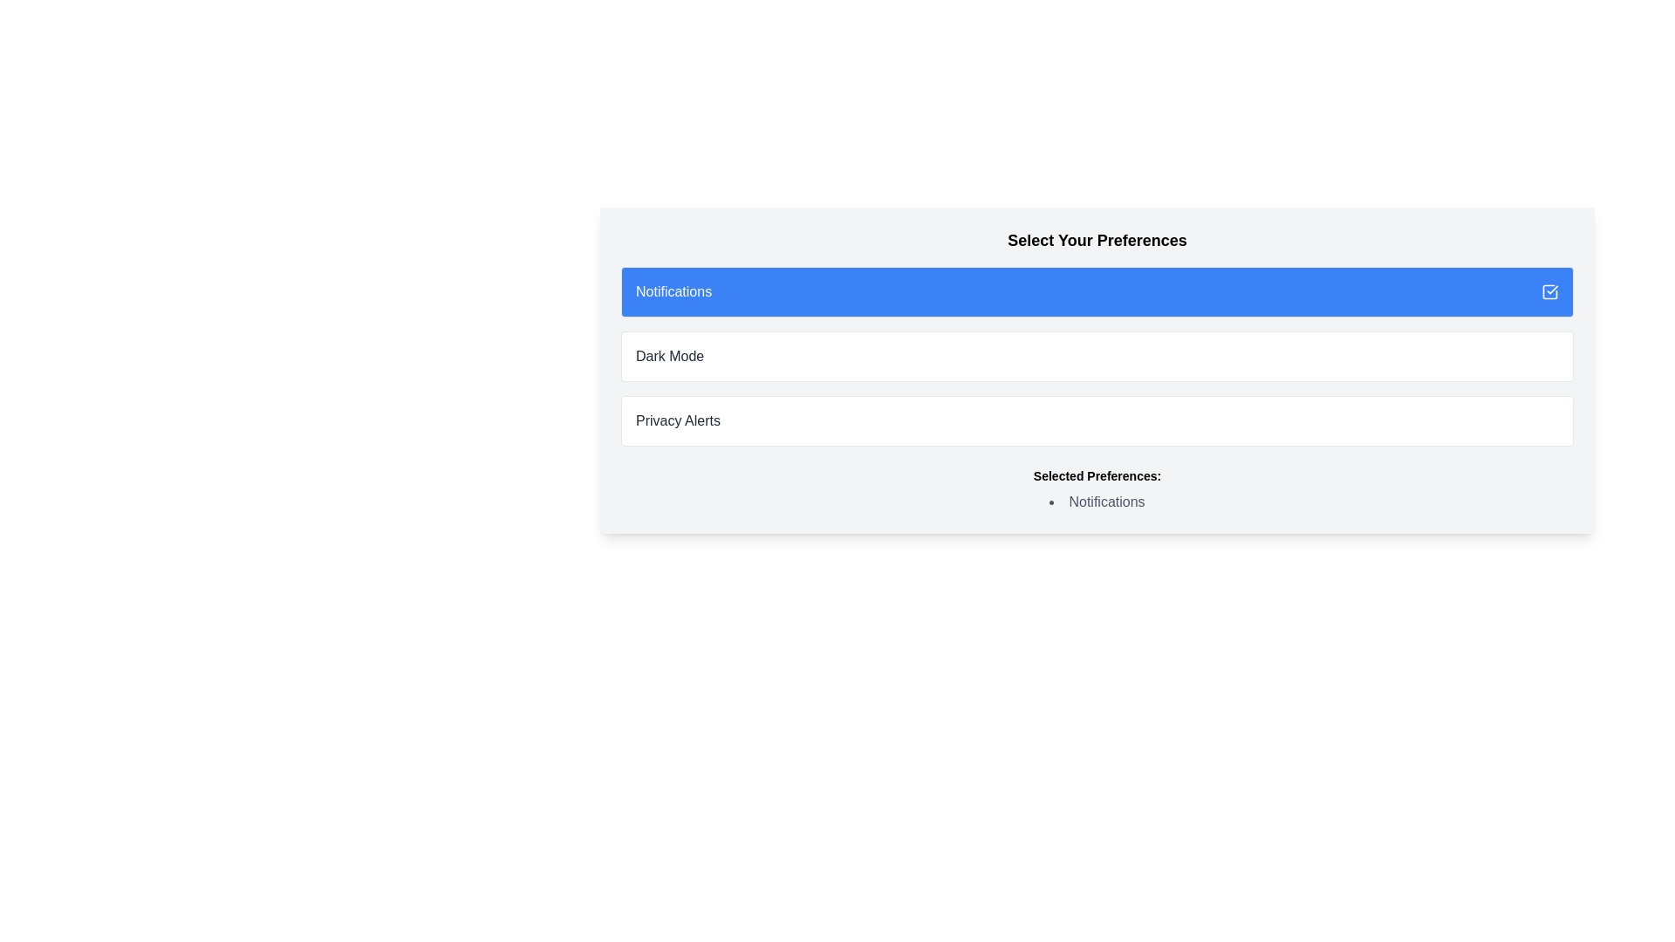 The image size is (1675, 942). I want to click on the Text Label that serves as the heading for the preferences selection panel, located centrally at the top of the interface section, so click(1096, 241).